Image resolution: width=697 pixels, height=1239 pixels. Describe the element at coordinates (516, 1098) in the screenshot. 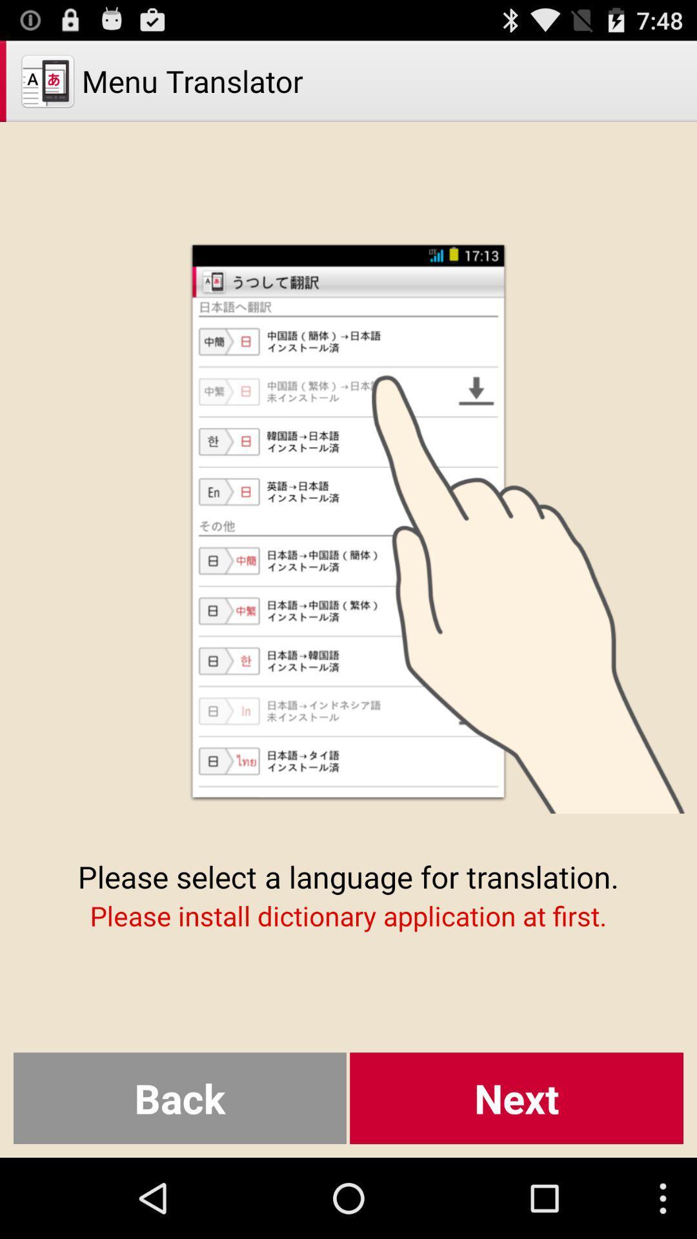

I see `button next to the back` at that location.